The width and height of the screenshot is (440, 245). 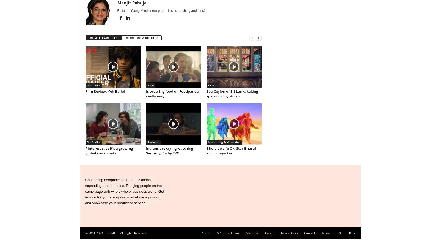 What do you see at coordinates (208, 85) in the screenshot?
I see `'Fashion'` at bounding box center [208, 85].